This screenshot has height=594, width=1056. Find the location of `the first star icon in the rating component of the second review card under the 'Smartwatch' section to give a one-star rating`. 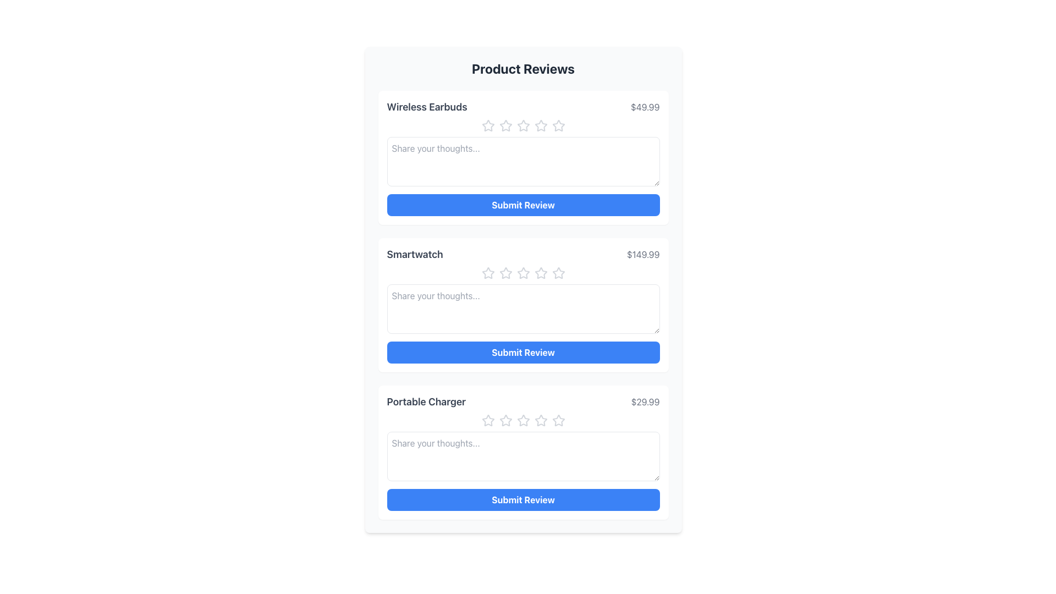

the first star icon in the rating component of the second review card under the 'Smartwatch' section to give a one-star rating is located at coordinates (487, 272).